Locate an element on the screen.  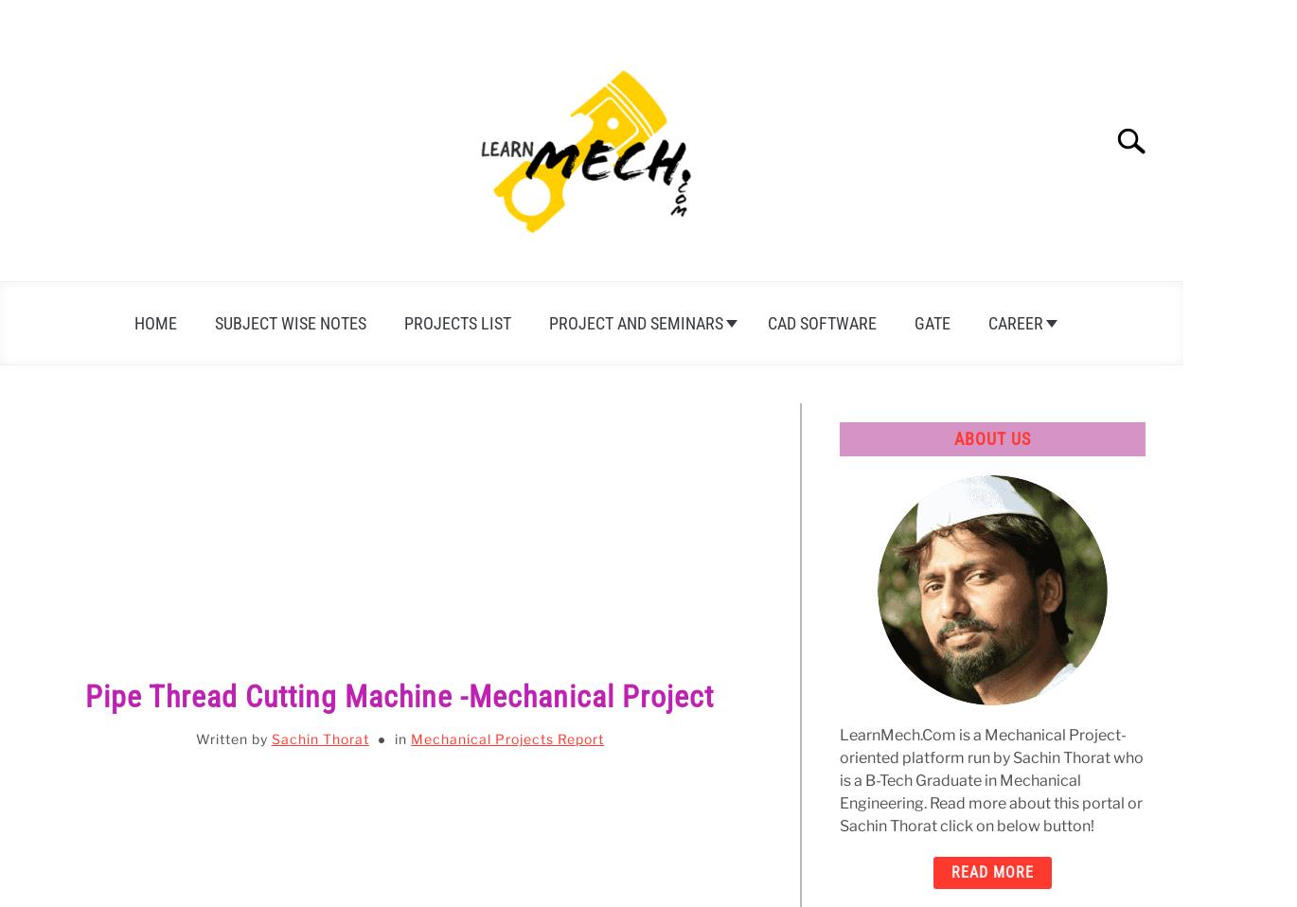
'Projects List' is located at coordinates (455, 322).